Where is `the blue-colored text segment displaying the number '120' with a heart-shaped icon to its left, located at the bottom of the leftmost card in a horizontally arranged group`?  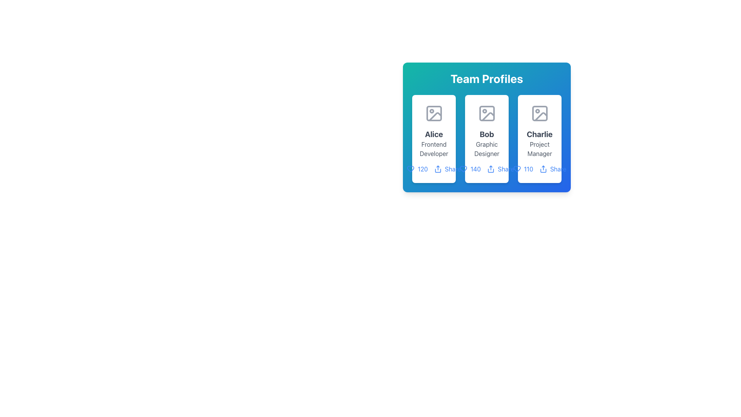 the blue-colored text segment displaying the number '120' with a heart-shaped icon to its left, located at the bottom of the leftmost card in a horizontally arranged group is located at coordinates (417, 169).